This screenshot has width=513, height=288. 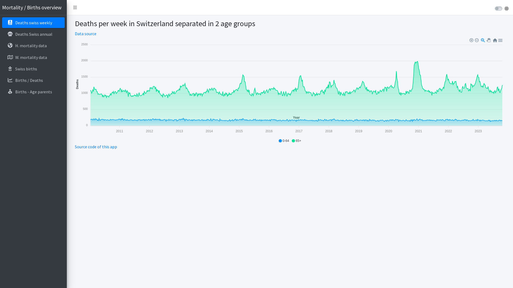 What do you see at coordinates (96, 147) in the screenshot?
I see `'Source code of this app'` at bounding box center [96, 147].